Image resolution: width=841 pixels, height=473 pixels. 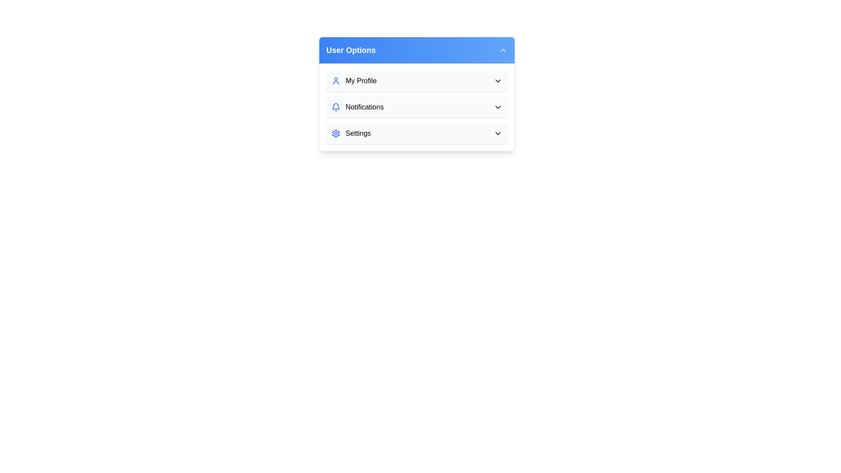 I want to click on the Chevron Down icon located at the far right of the 'Settings' row in the dropdown under 'User Options', so click(x=498, y=133).